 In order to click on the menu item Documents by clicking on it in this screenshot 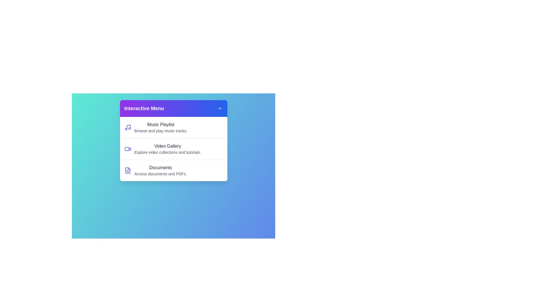, I will do `click(173, 170)`.